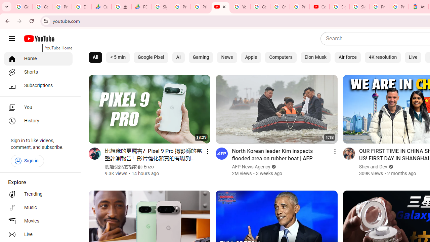 The height and width of the screenshot is (242, 430). Describe the element at coordinates (200, 7) in the screenshot. I see `'Privacy Checkup'` at that location.